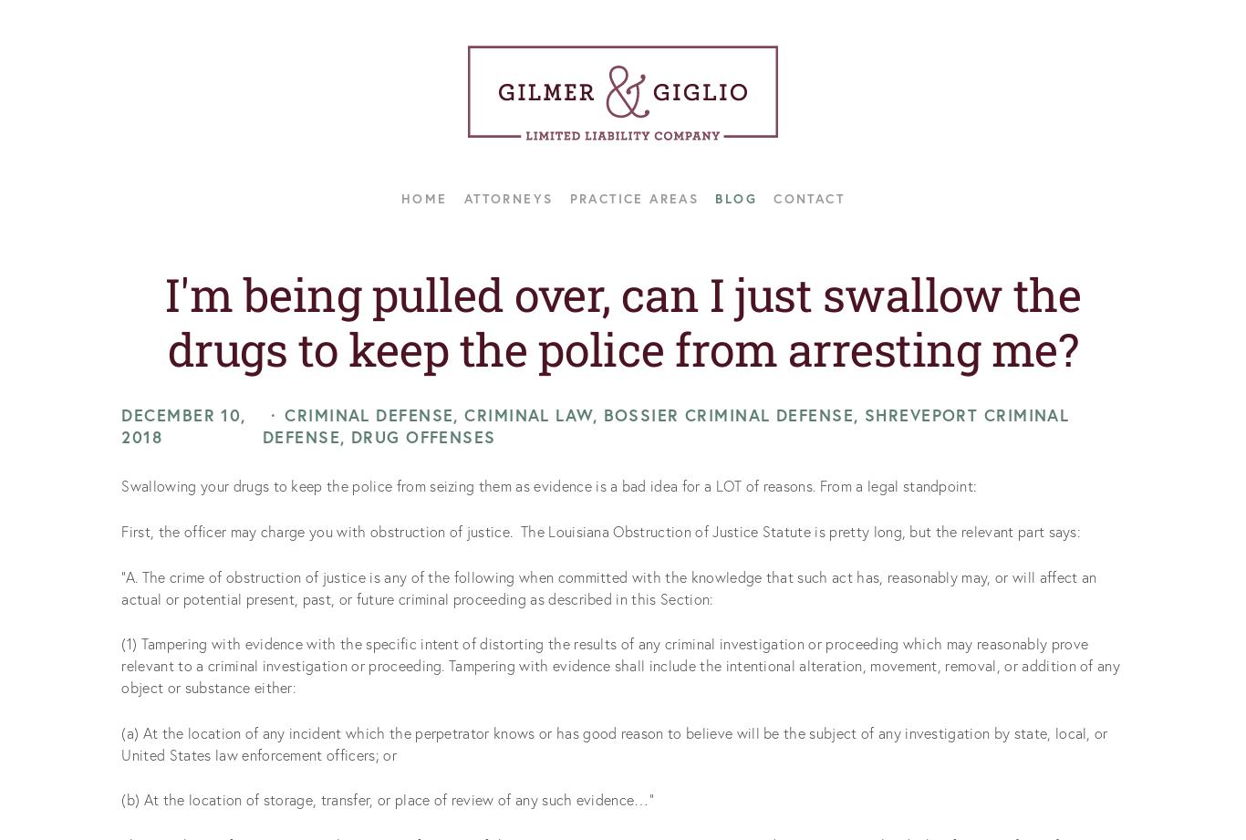 This screenshot has height=840, width=1246. I want to click on '(1) Tampering with evidence with the specific intent of distorting the results of any criminal investigation or proceeding which may reasonably prove relevant to a criminal investigation or proceeding. Tampering with evidence shall include the intentional alteration, movement, removal, or addition of any object or substance either:', so click(621, 665).